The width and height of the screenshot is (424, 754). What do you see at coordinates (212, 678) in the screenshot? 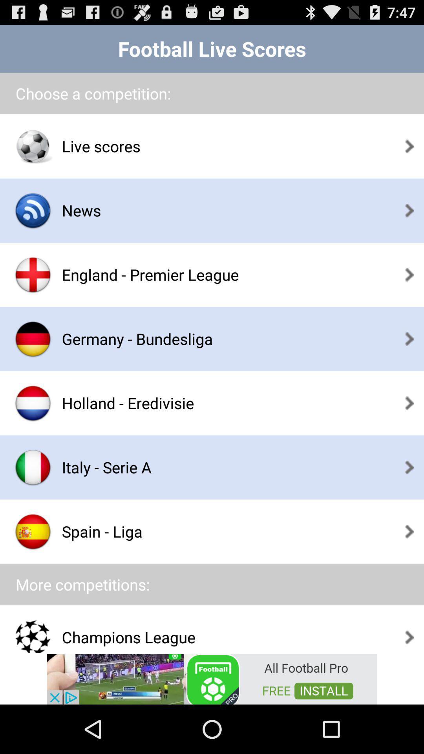
I see `advertisement banner` at bounding box center [212, 678].